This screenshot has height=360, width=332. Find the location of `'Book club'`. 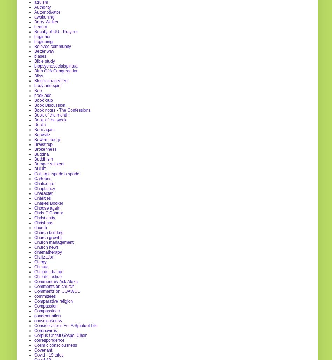

'Book club' is located at coordinates (43, 99).